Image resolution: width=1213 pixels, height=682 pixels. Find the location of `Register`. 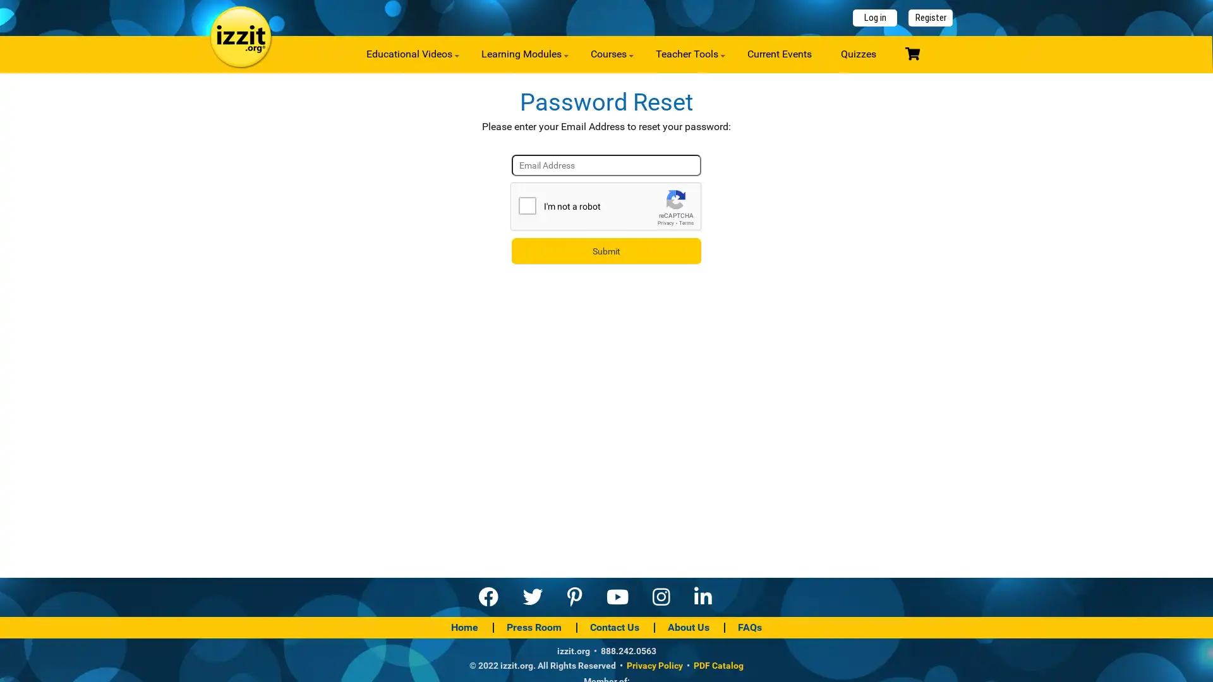

Register is located at coordinates (931, 18).